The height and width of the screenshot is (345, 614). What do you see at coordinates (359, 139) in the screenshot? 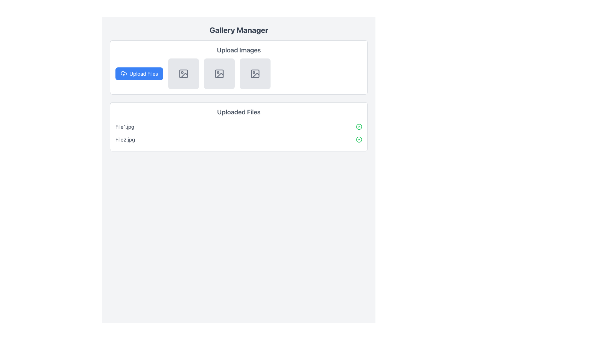
I see `the green circular confirmation icon with a checkmark located next to the label 'File2.jpg'` at bounding box center [359, 139].